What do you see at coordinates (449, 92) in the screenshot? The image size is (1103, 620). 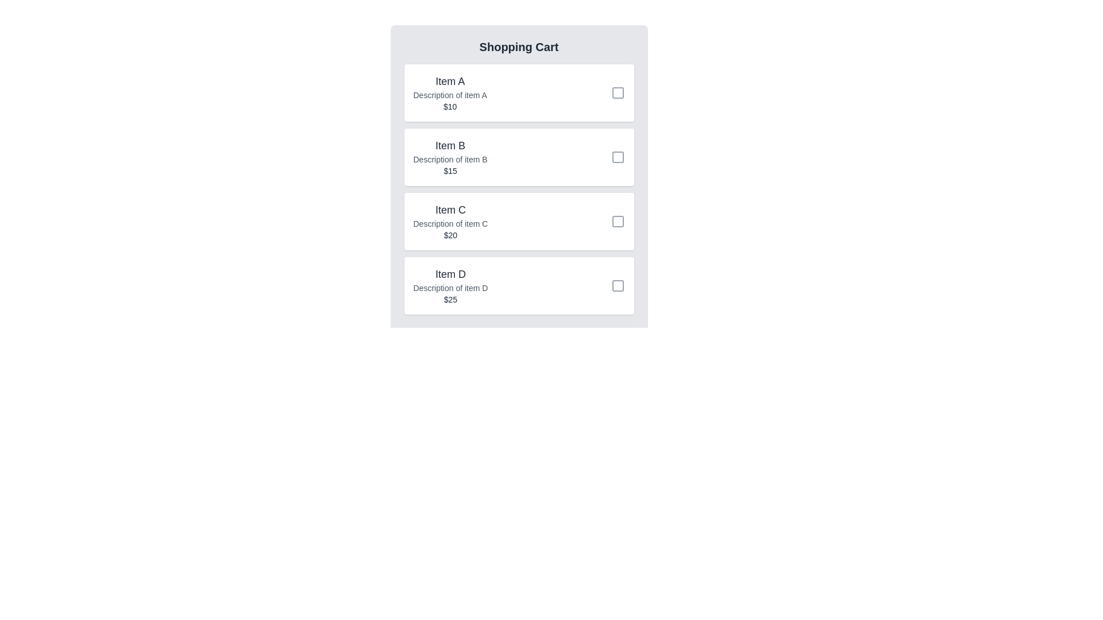 I see `the text block containing the main details of the first item in the shopping cart, which includes its title, description, and price` at bounding box center [449, 92].